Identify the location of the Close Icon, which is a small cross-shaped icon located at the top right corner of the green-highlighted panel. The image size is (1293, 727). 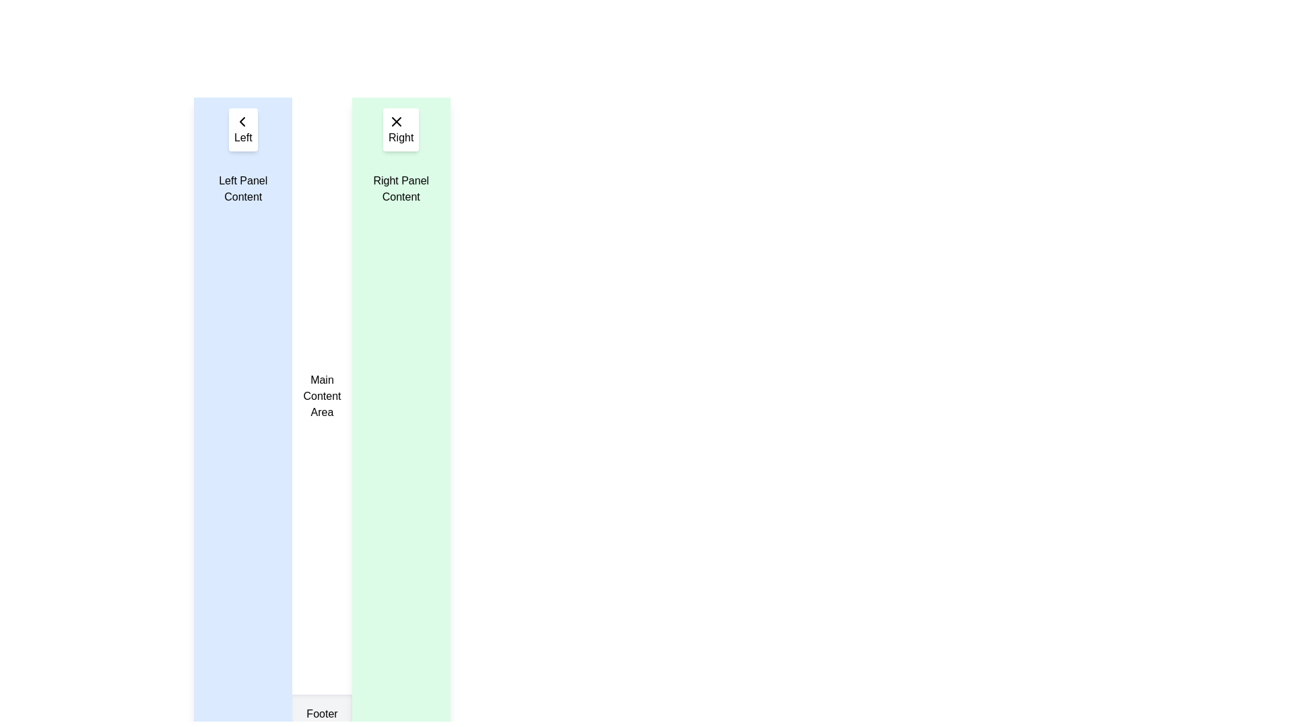
(396, 122).